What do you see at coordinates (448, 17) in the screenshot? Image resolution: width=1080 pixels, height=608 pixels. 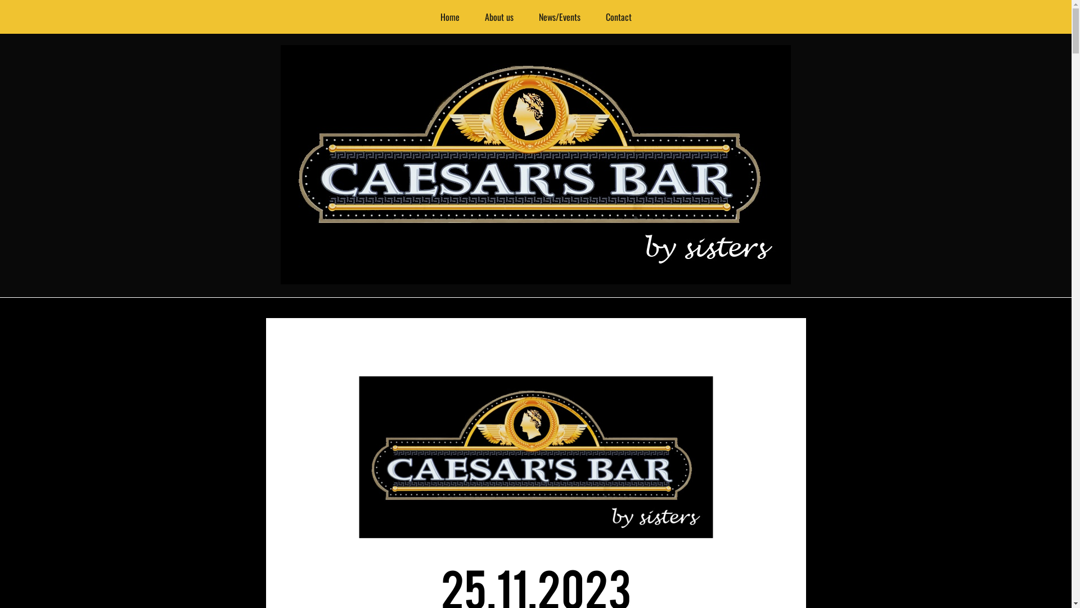 I see `'Home'` at bounding box center [448, 17].